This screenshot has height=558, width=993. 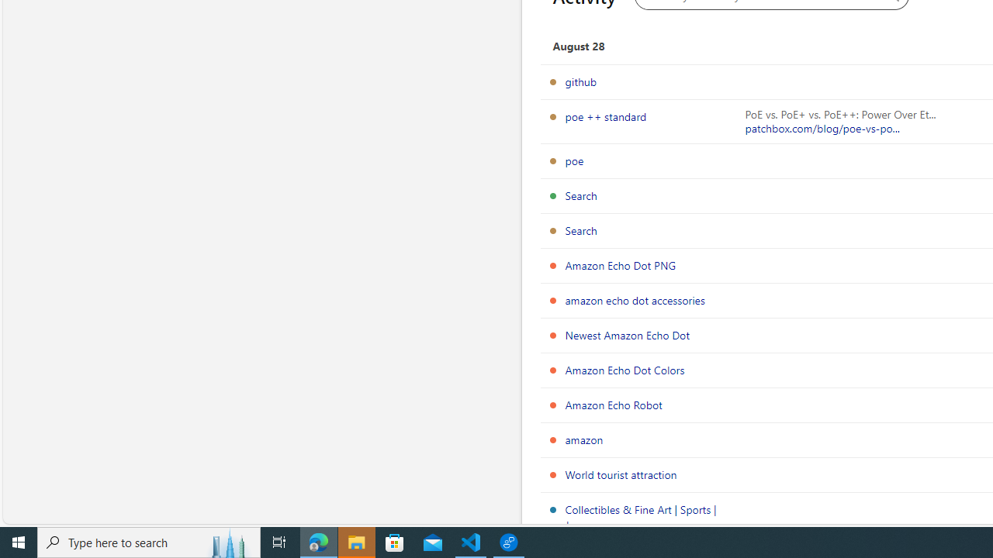 What do you see at coordinates (621, 474) in the screenshot?
I see `'World tourist attraction'` at bounding box center [621, 474].